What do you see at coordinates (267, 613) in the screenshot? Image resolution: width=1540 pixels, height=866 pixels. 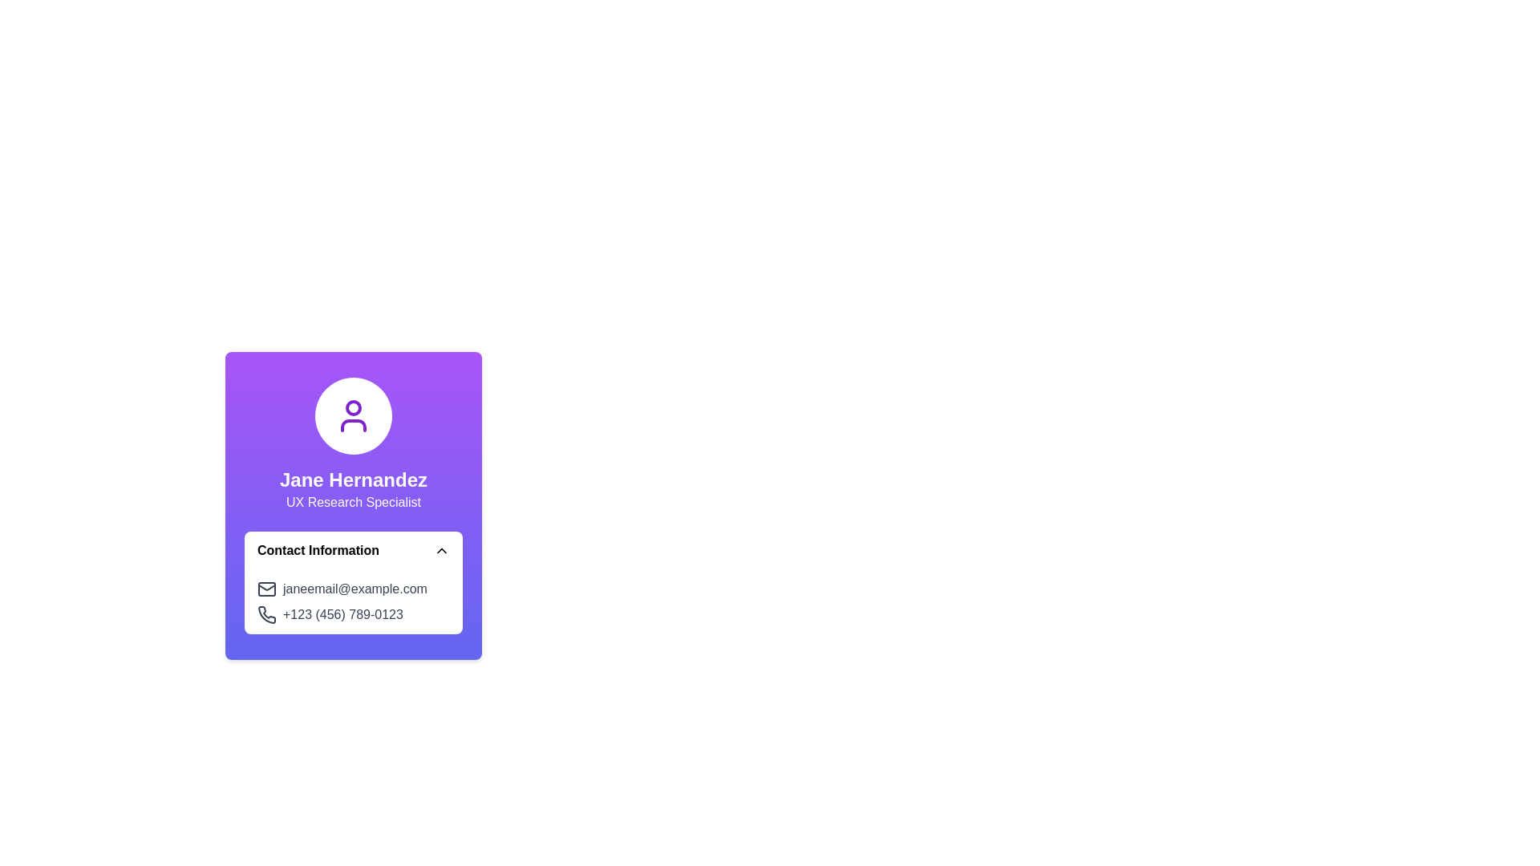 I see `the phone number icon located in the 'Contact Information' section, which visually represents the contact category for phone numbers` at bounding box center [267, 613].